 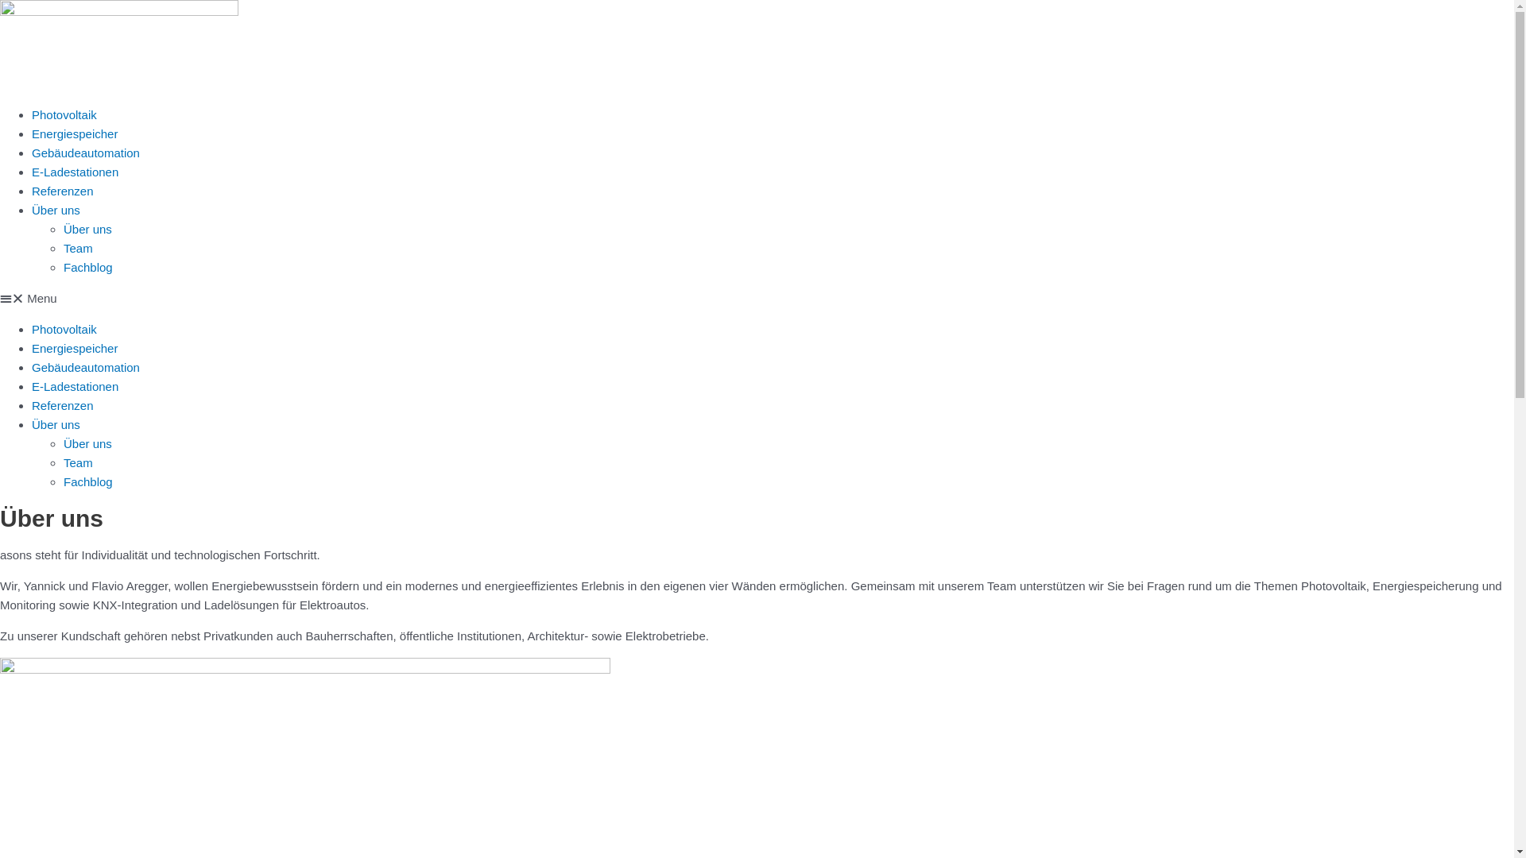 What do you see at coordinates (77, 462) in the screenshot?
I see `'Team'` at bounding box center [77, 462].